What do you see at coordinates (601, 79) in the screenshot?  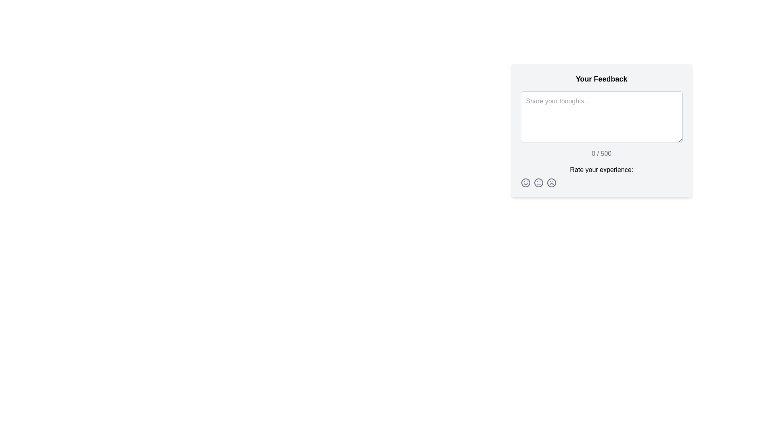 I see `title of the feedback section, which is the header or title positioned above the multiline text input box` at bounding box center [601, 79].